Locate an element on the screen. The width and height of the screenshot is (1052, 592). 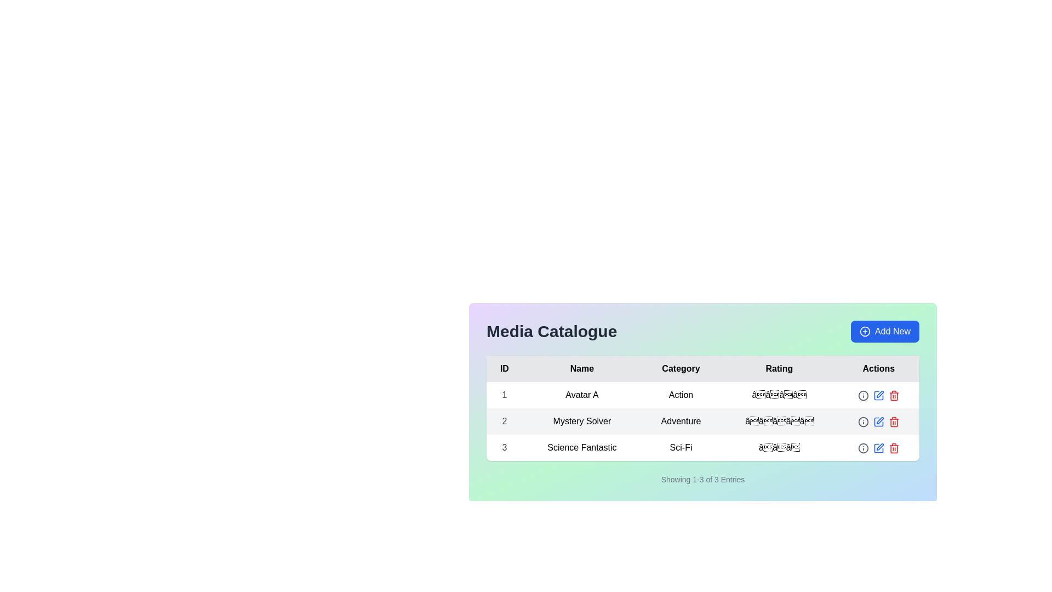
the text label that reads 'Showing 1-3 of 3 Entries', which is styled with a gray font color and located at the lower portion of the interface, just below the media catalog table is located at coordinates (702, 479).